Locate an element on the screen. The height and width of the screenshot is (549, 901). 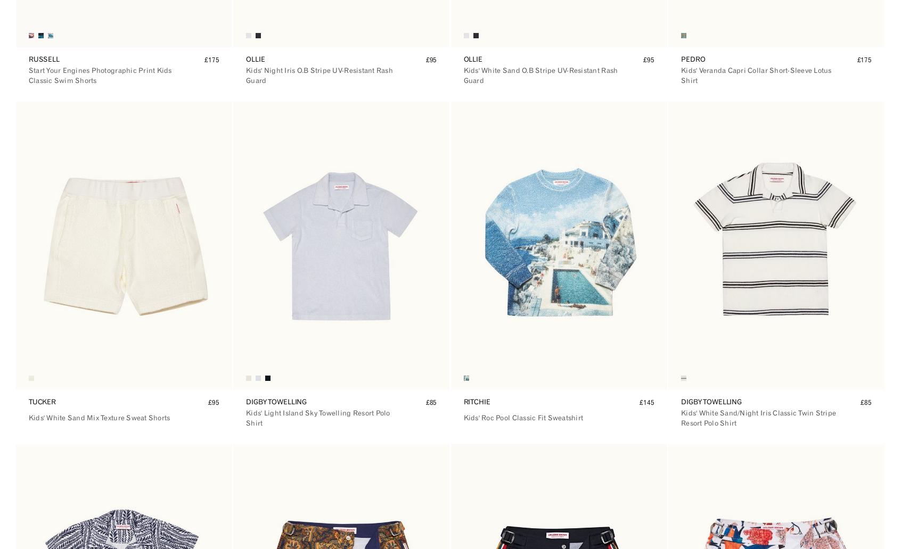
'Kids' White Sand/Night Iris Classic Twin Stripe Resort Polo Shirt' is located at coordinates (680, 417).